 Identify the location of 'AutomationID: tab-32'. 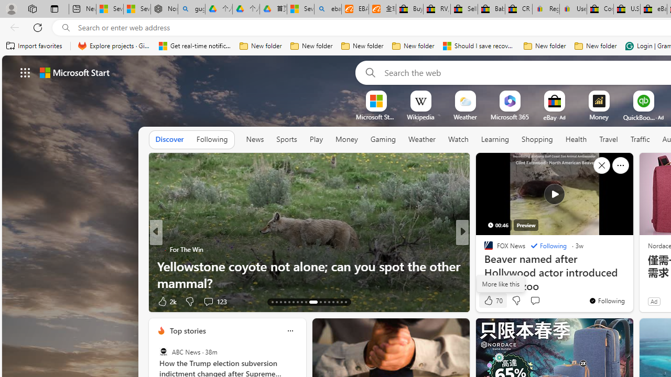
(332, 302).